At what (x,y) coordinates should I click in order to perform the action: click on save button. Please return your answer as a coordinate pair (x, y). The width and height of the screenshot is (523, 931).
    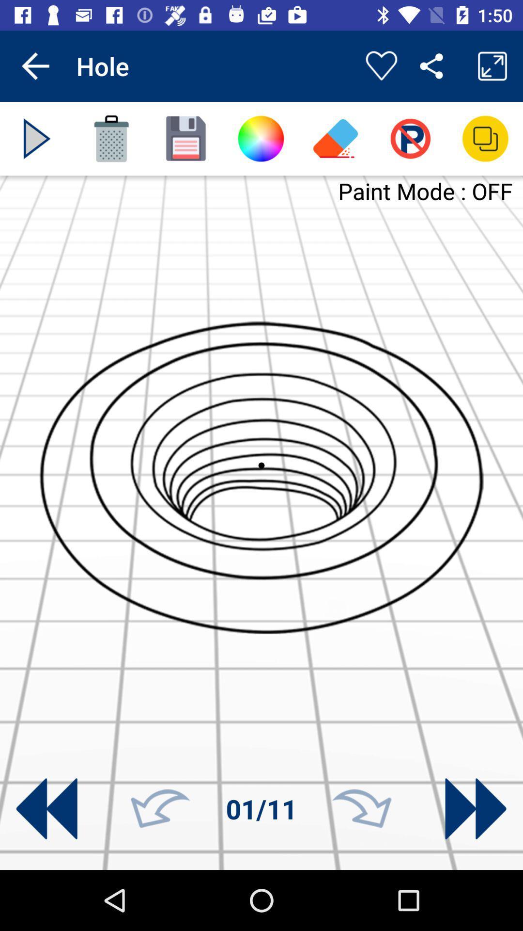
    Looking at the image, I should click on (186, 138).